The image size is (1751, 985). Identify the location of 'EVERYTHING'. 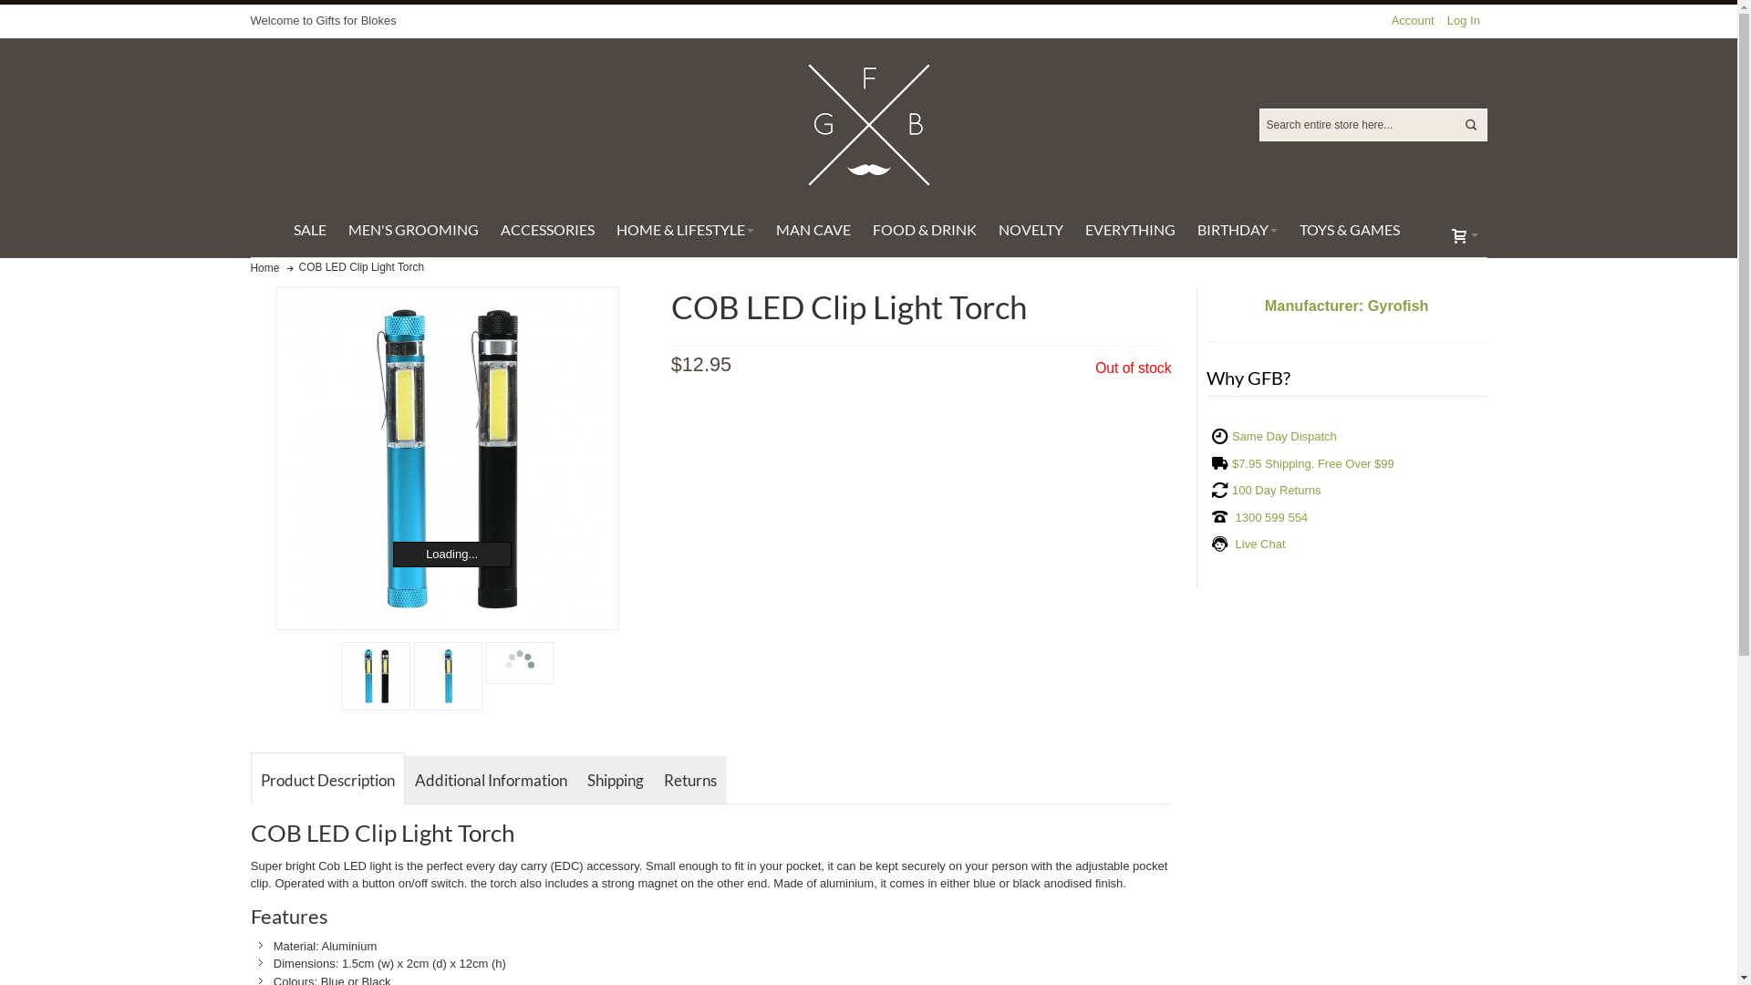
(1073, 228).